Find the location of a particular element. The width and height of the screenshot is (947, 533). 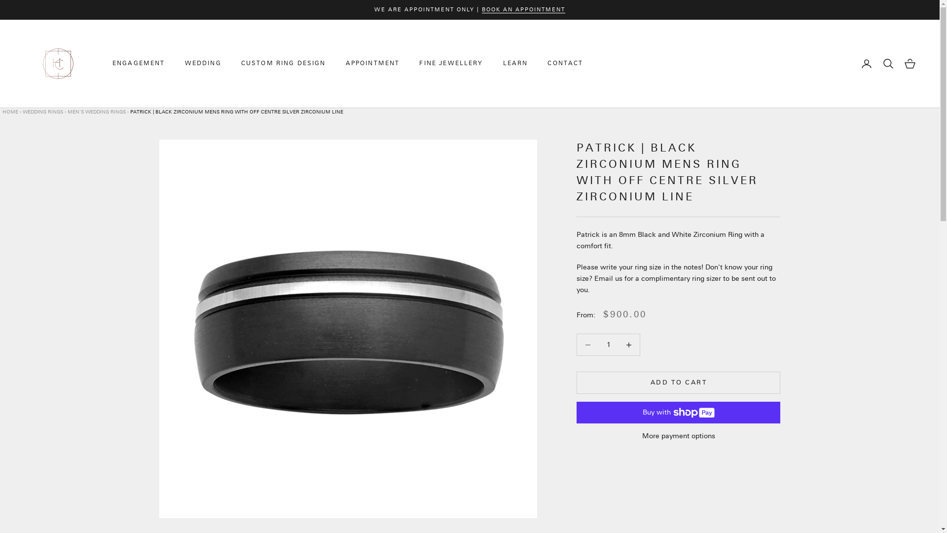

'Harry & Co Jewellery' is located at coordinates (58, 63).